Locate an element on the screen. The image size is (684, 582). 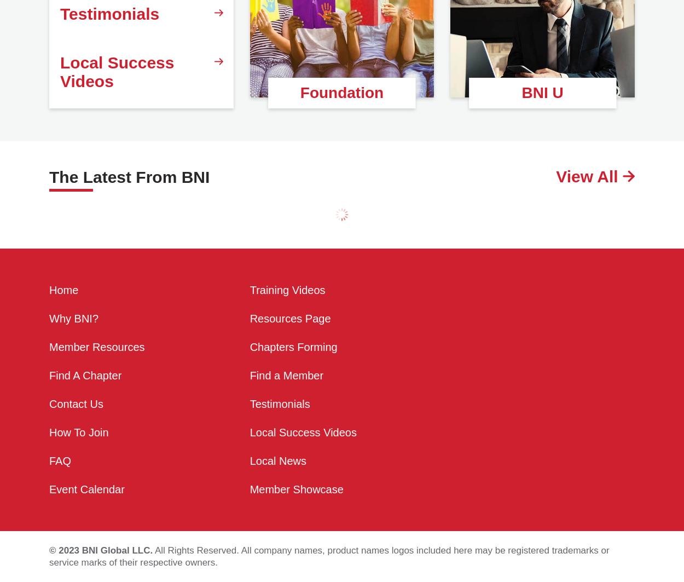
'BNI U' is located at coordinates (541, 92).